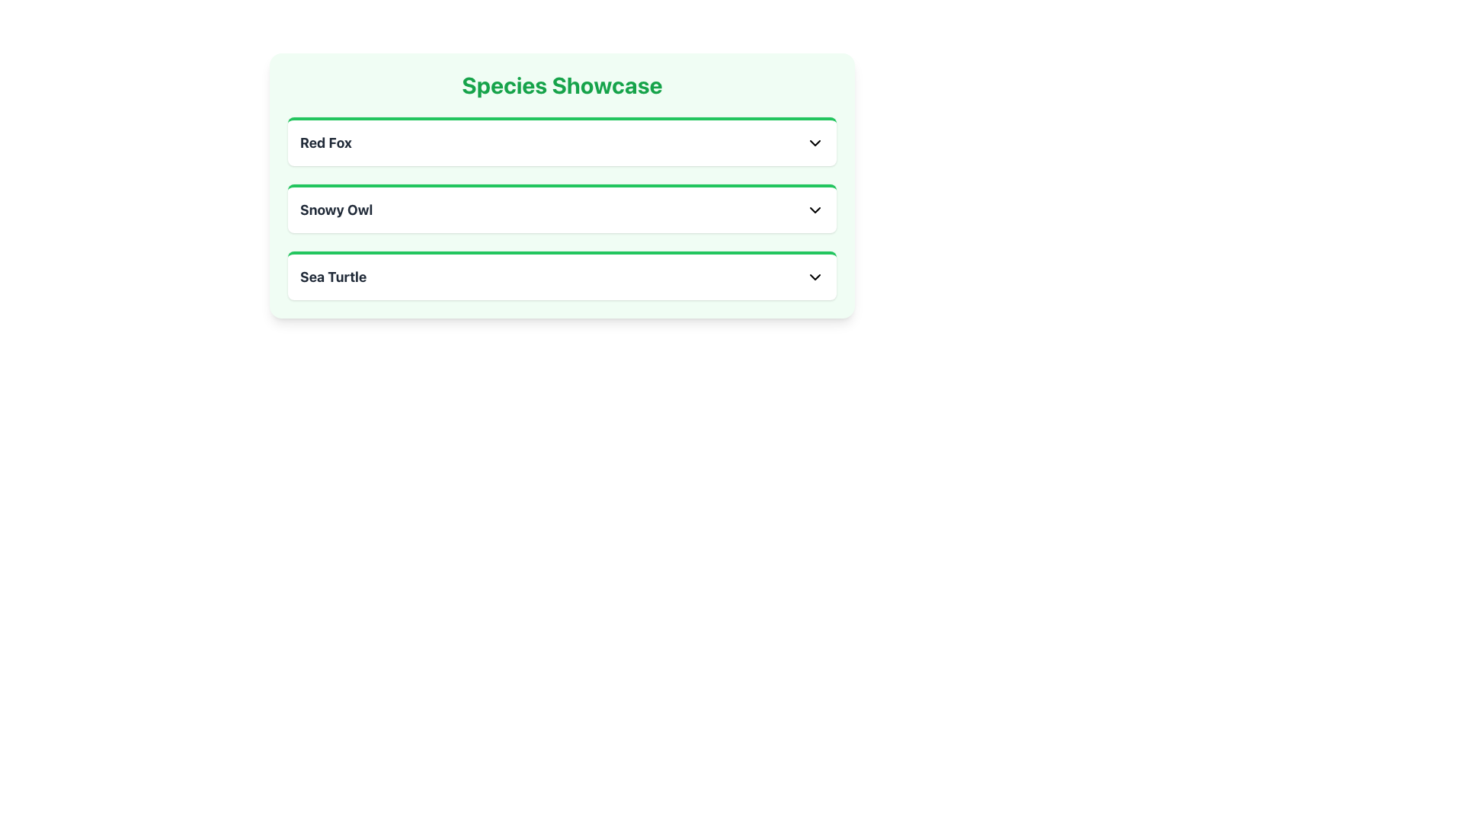 This screenshot has height=823, width=1463. I want to click on the Text Label that serves as a section title for the content below, positioned at the top of its card-like structure, so click(562, 85).